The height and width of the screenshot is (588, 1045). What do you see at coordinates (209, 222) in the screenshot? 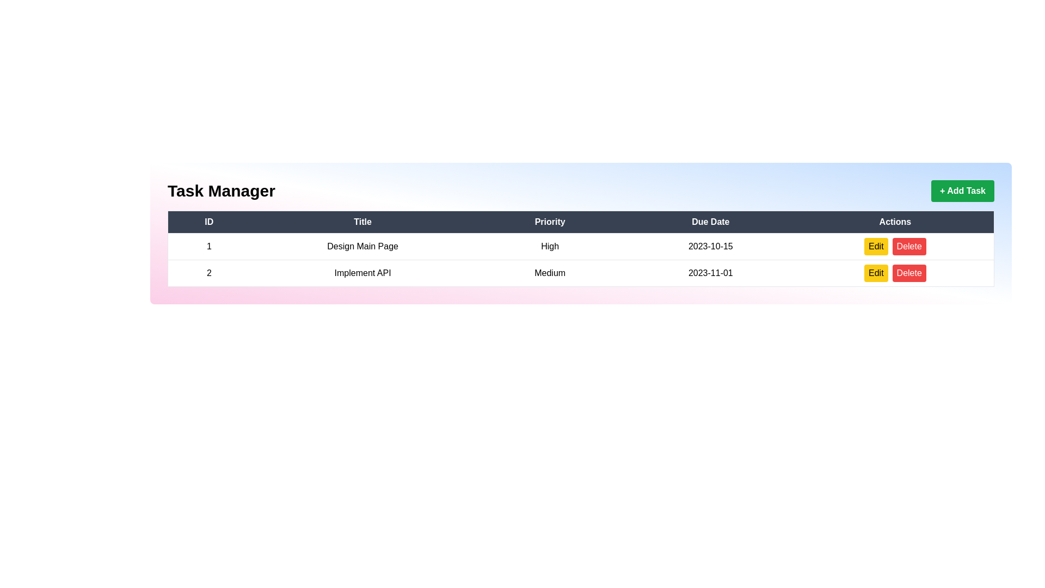
I see `the label element with the text 'ID' on a dark gray background, which serves as the header for the first column of the data table` at bounding box center [209, 222].